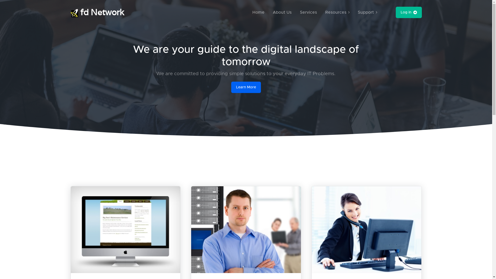 The image size is (496, 279). What do you see at coordinates (74, 13) in the screenshot?
I see `'fd Network Logo'` at bounding box center [74, 13].